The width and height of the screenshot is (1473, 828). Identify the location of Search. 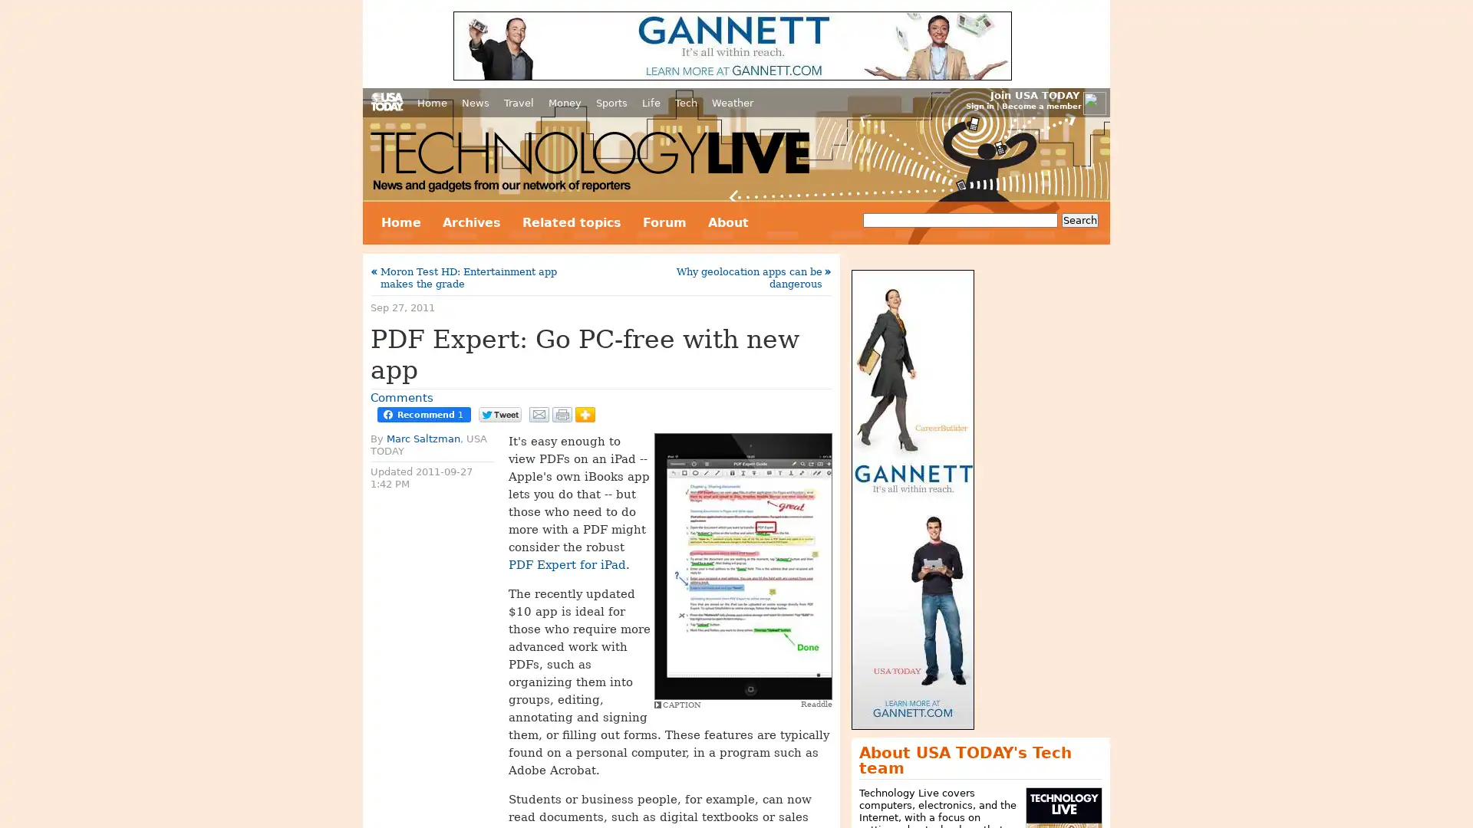
(1079, 220).